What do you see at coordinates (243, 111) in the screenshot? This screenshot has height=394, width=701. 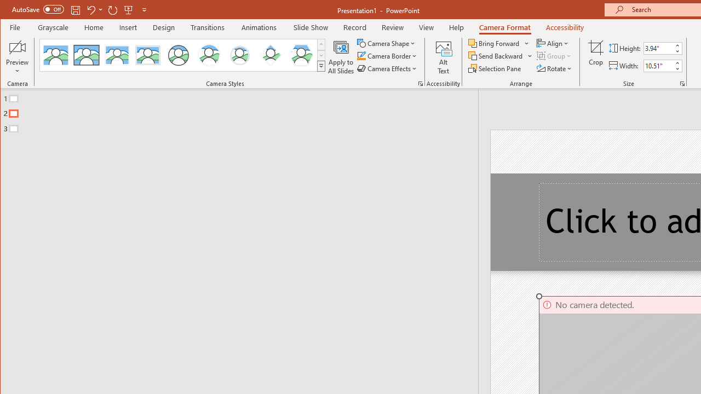 I see `'Outline'` at bounding box center [243, 111].